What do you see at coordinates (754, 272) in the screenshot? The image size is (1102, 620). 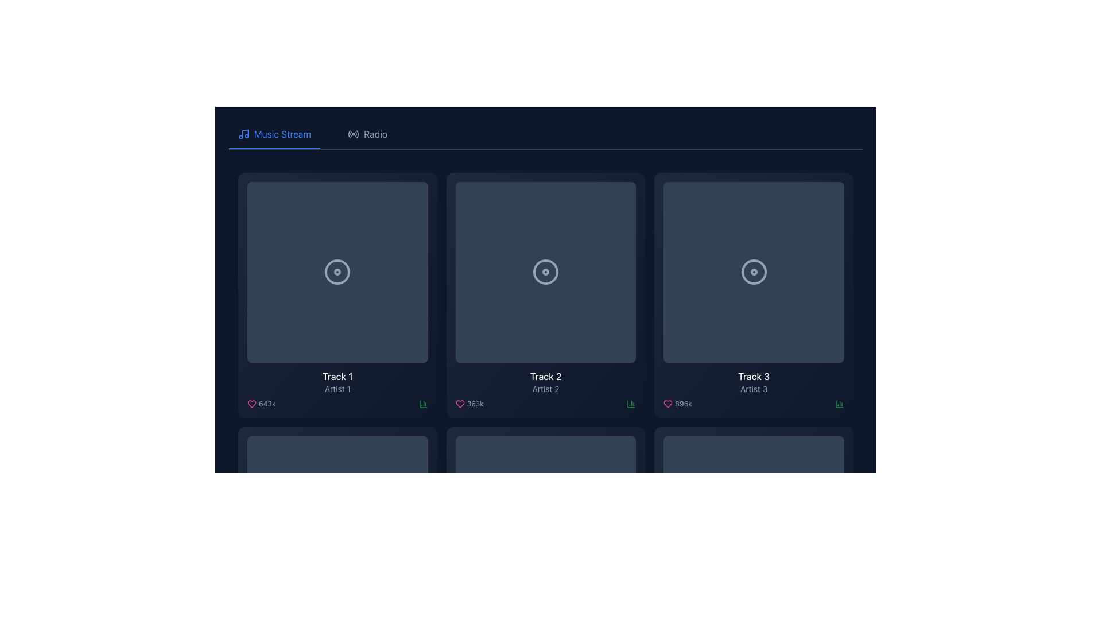 I see `the SVG graphic element, which is a disc-shaped image with concentric circles, located in the center of the 'Track 3' card` at bounding box center [754, 272].